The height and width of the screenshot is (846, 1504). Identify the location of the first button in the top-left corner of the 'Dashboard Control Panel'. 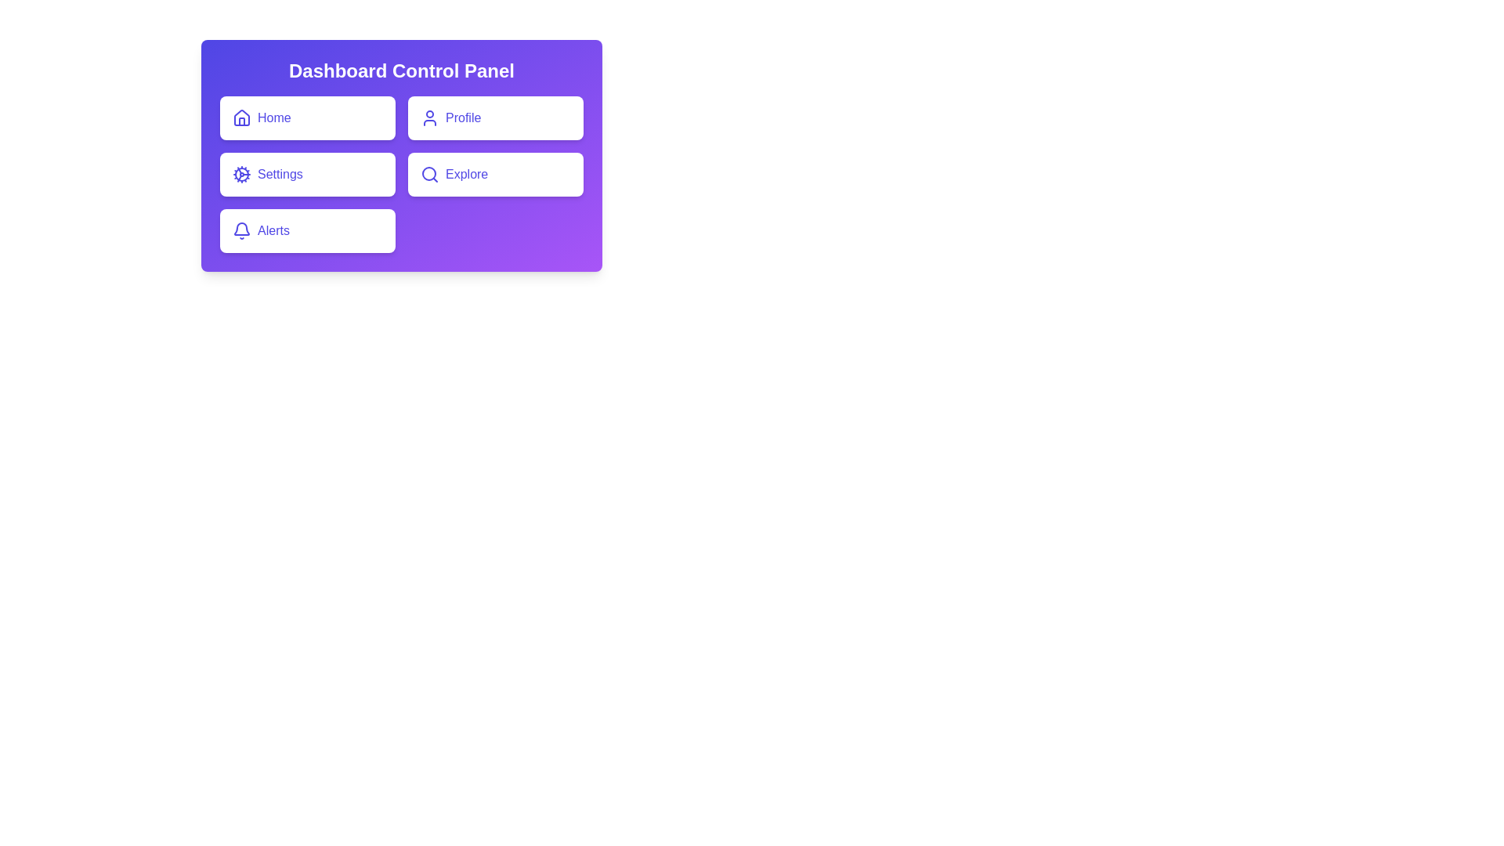
(308, 117).